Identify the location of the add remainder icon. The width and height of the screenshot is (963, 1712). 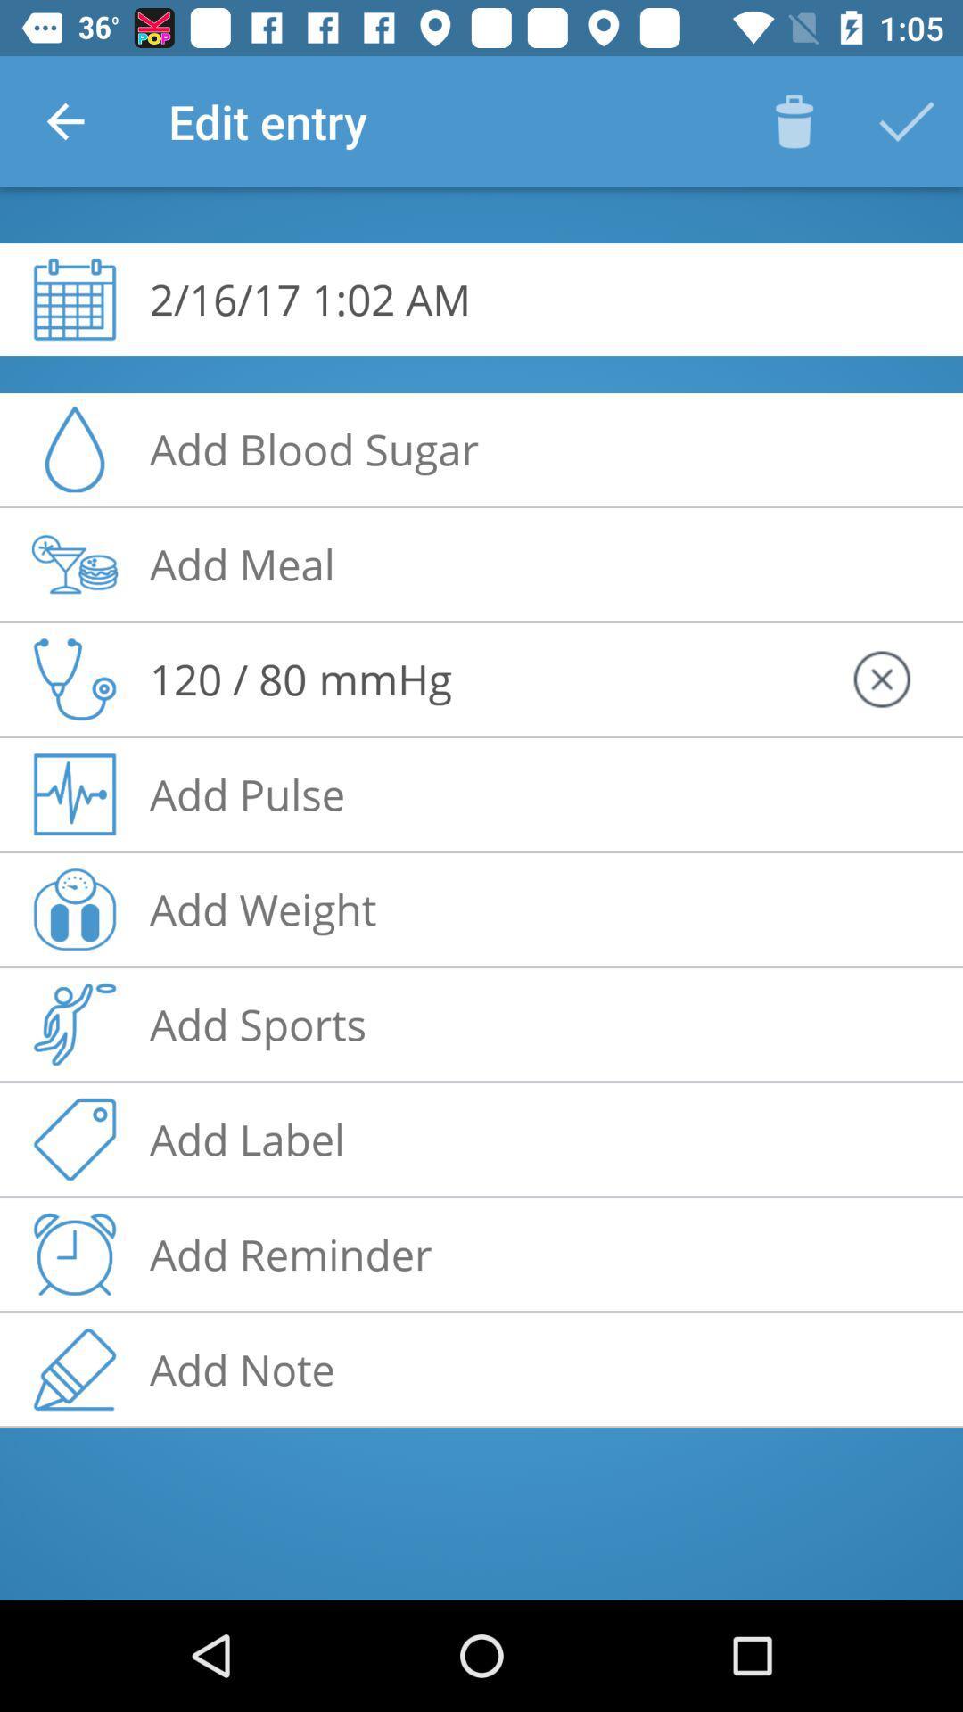
(74, 1253).